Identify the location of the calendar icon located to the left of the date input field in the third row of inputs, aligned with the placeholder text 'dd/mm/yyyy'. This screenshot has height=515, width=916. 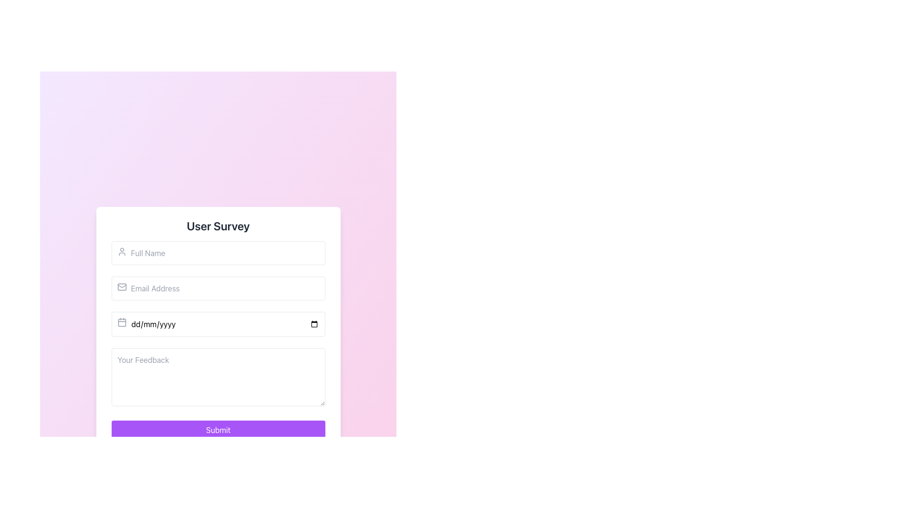
(121, 322).